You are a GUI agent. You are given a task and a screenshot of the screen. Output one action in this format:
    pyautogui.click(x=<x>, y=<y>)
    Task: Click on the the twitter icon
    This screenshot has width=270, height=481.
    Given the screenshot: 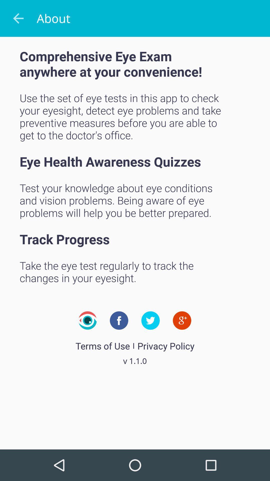 What is the action you would take?
    pyautogui.click(x=150, y=320)
    